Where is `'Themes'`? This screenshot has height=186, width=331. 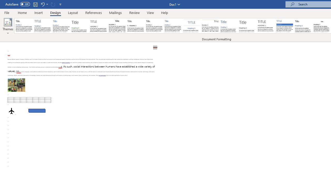 'Themes' is located at coordinates (8, 27).